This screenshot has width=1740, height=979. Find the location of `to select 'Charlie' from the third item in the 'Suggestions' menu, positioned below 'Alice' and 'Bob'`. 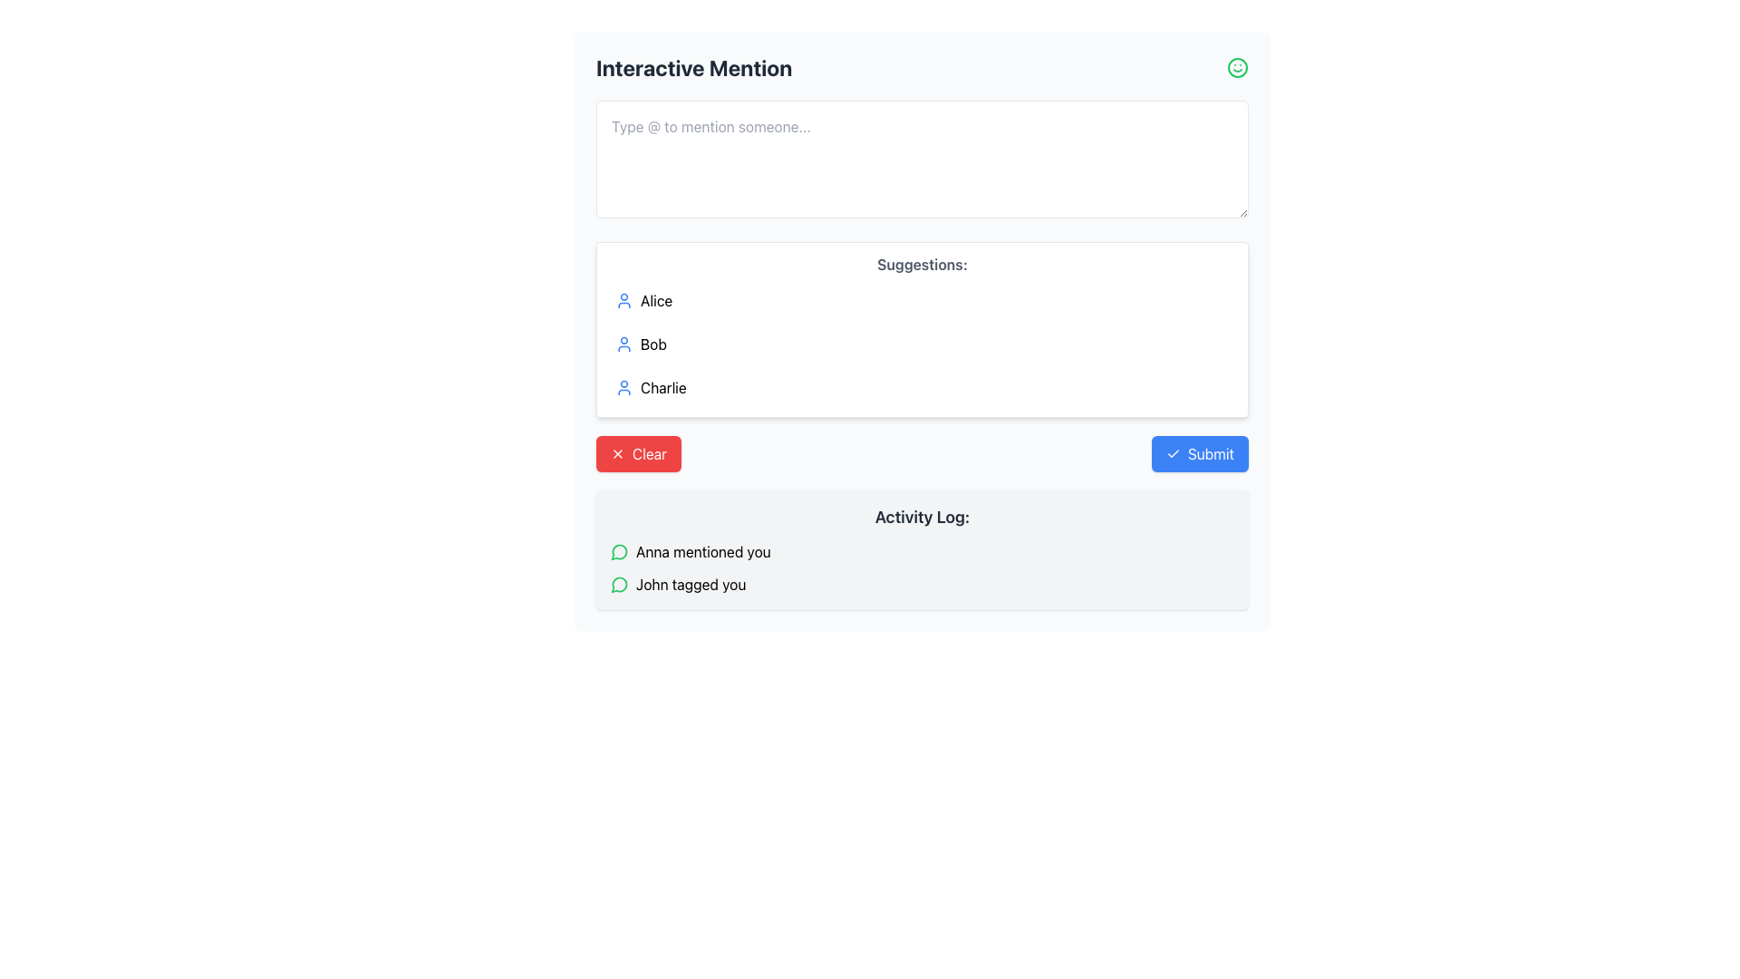

to select 'Charlie' from the third item in the 'Suggestions' menu, positioned below 'Alice' and 'Bob' is located at coordinates (922, 387).